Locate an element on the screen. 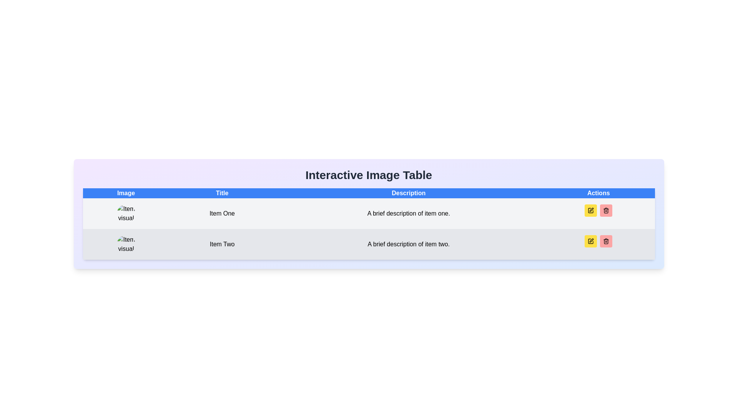 The width and height of the screenshot is (738, 415). the 'Image' text label, which is displayed in white, bold font on a blue background and is the first element in a row of labels is located at coordinates (126, 193).